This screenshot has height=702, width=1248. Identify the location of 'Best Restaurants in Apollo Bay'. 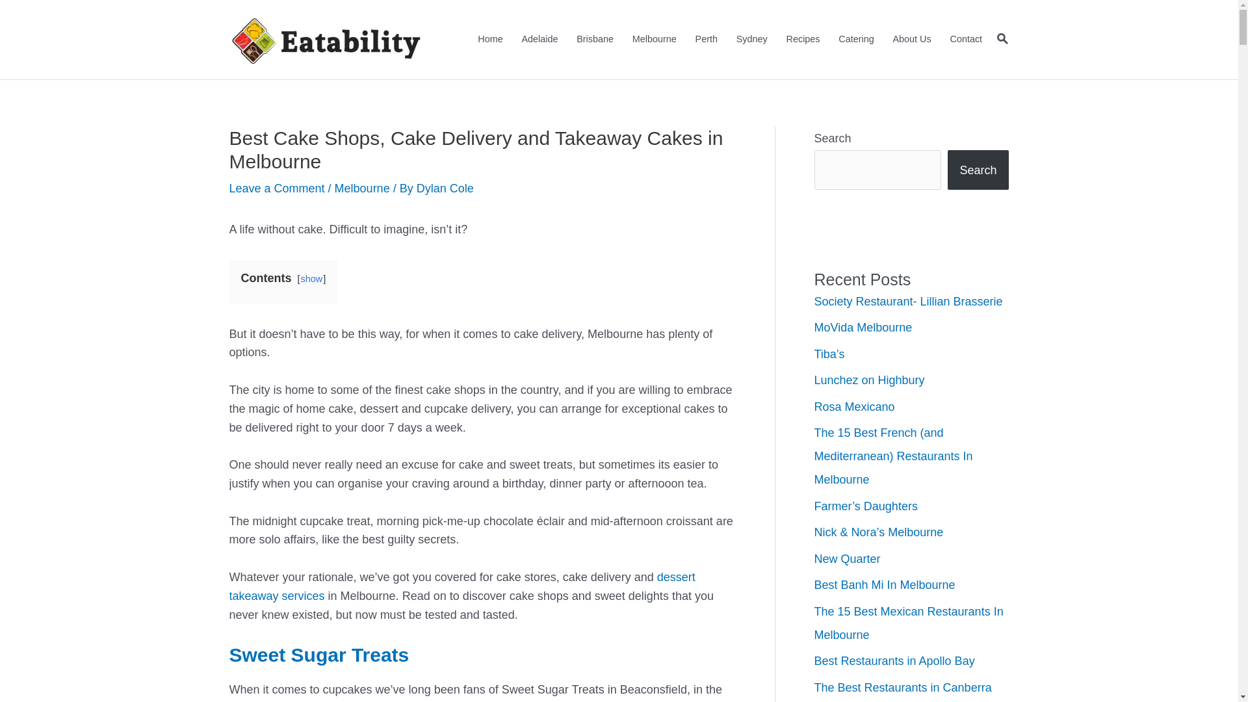
(893, 661).